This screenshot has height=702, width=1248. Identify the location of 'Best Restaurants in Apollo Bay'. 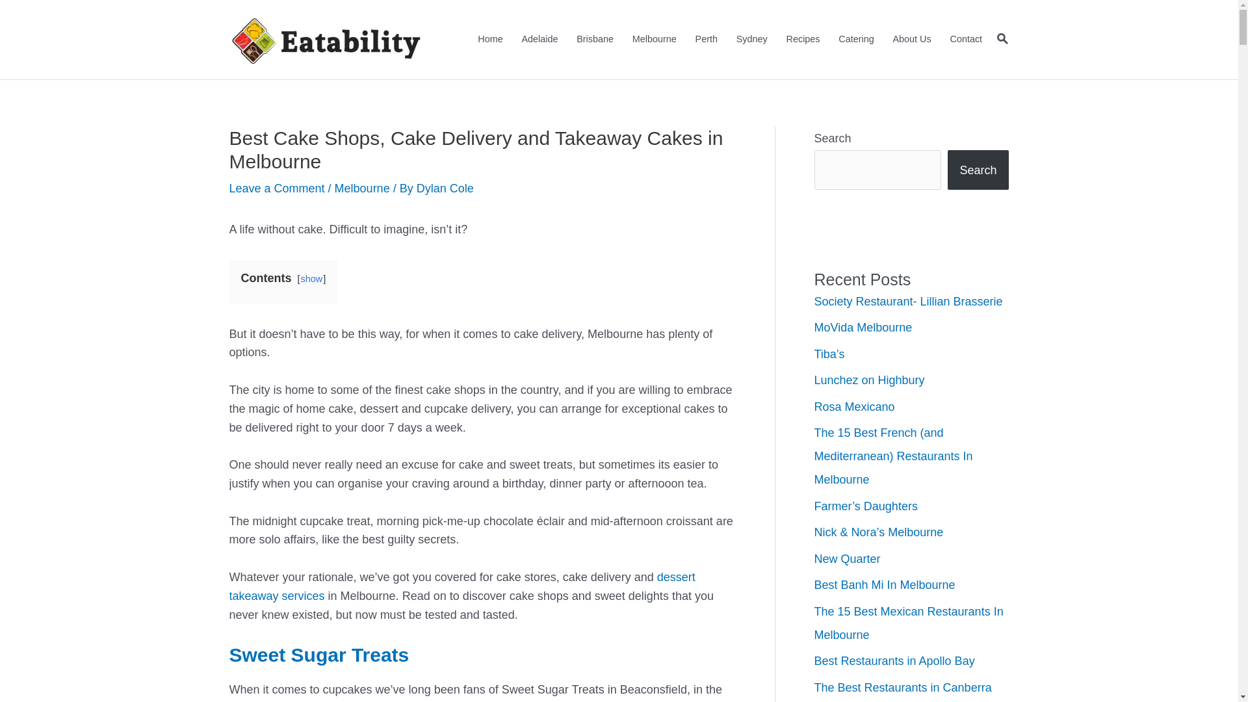
(893, 661).